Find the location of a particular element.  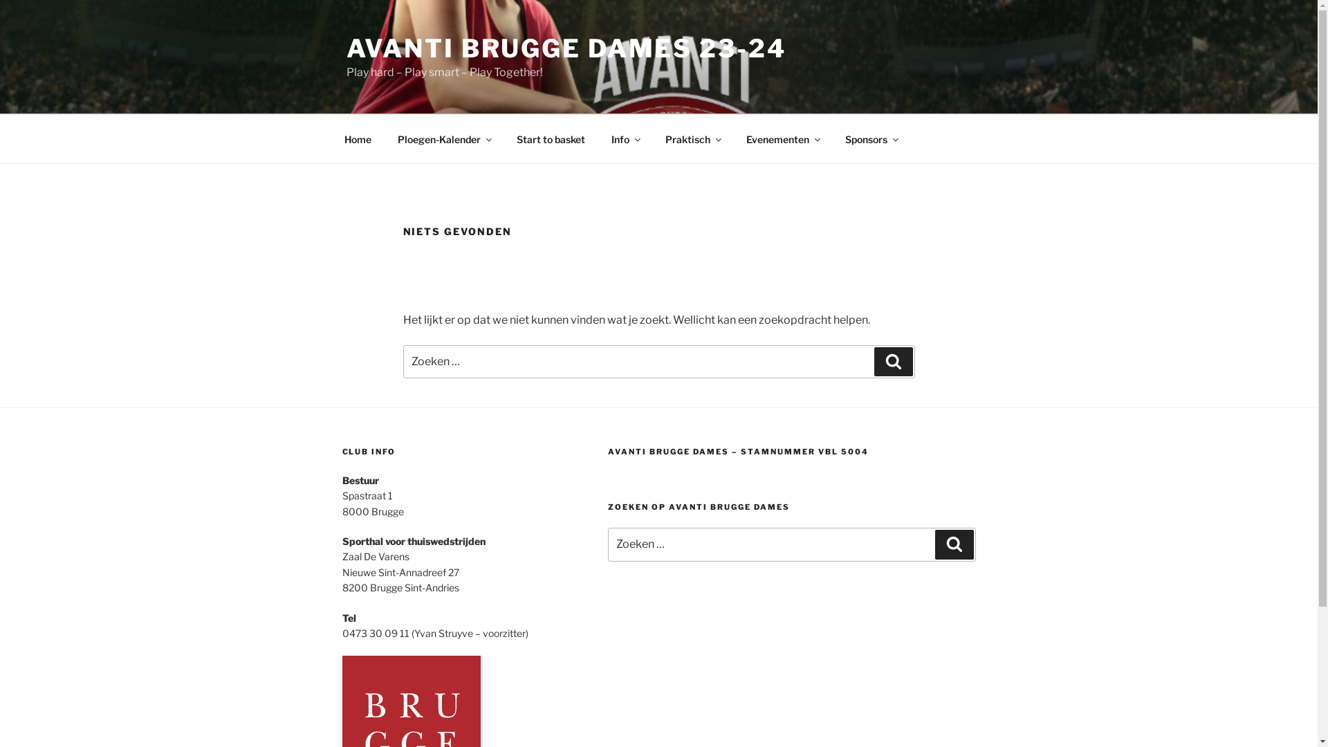

'Zoeken' is located at coordinates (935, 543).